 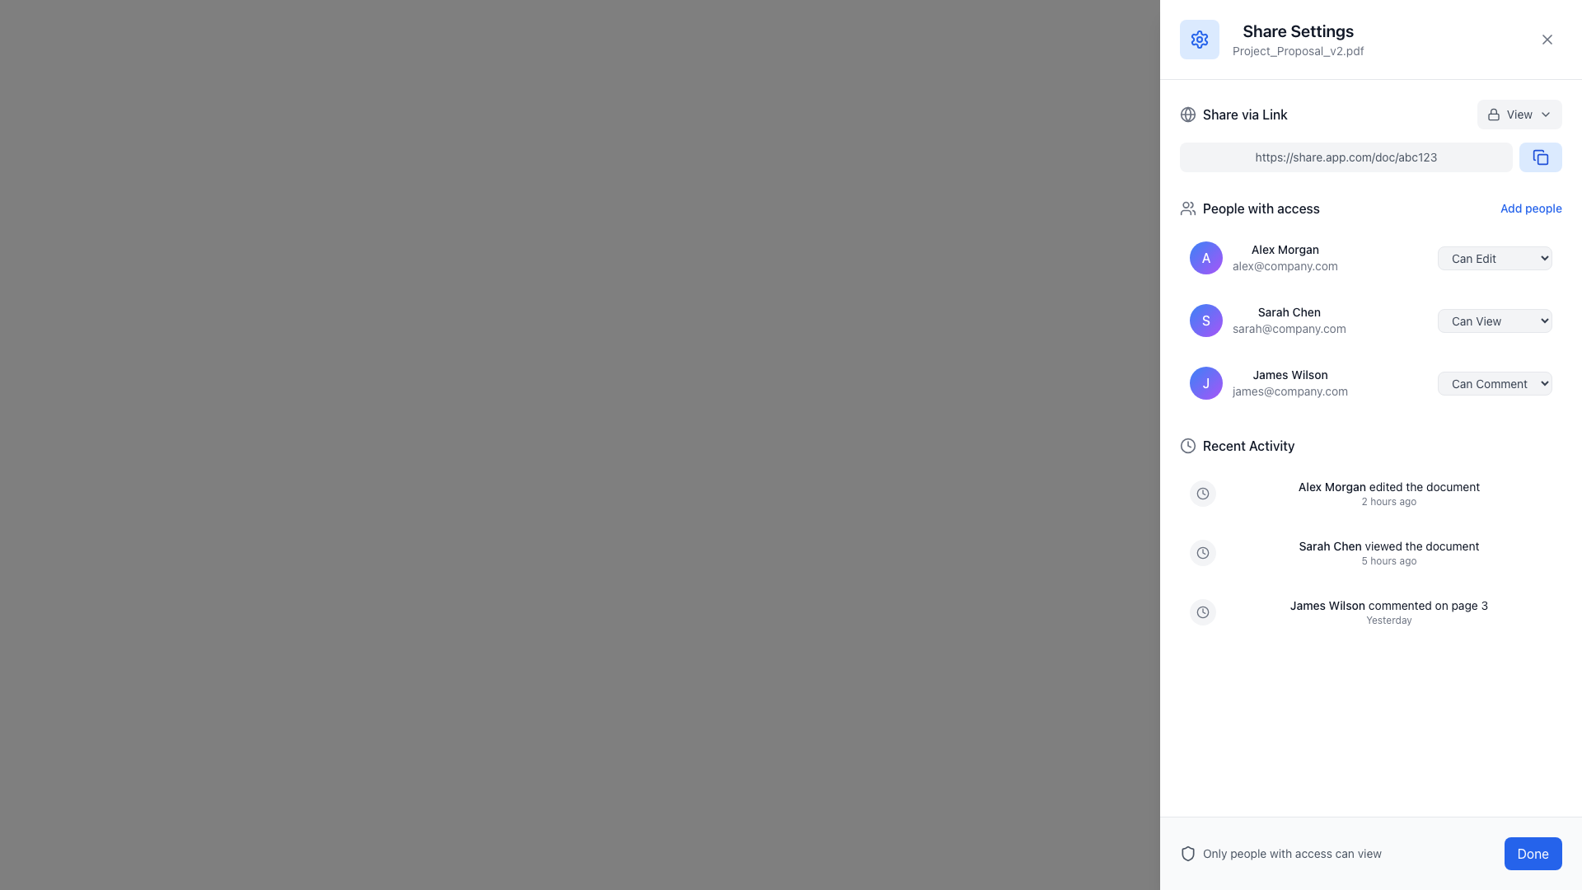 What do you see at coordinates (1288, 311) in the screenshot?
I see `the label displaying the text 'Sarah Chen', which is styled in medium-weight dark gray font and is located above the email 'sarah@company.com' in the 'People with access' section` at bounding box center [1288, 311].